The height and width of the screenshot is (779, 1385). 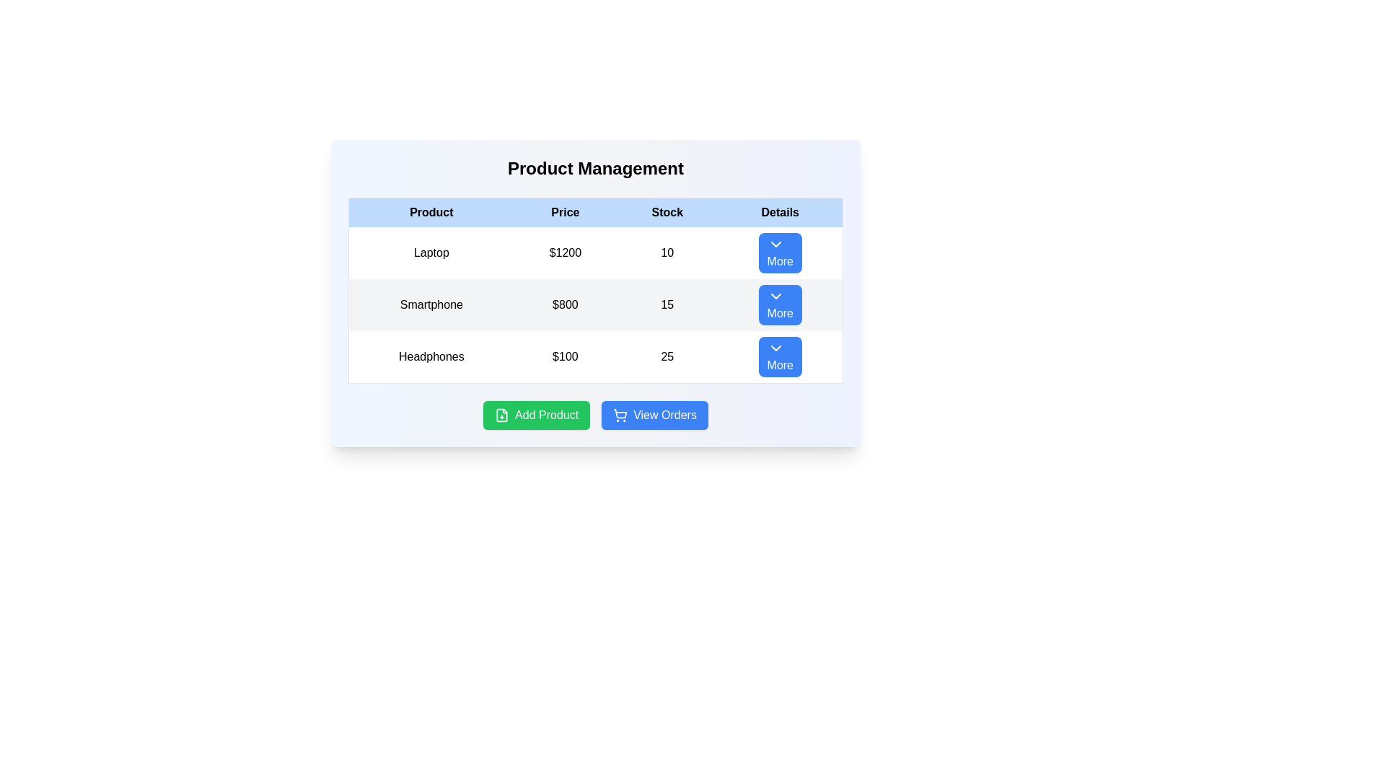 I want to click on the green rectangular button labeled 'Add Product' with a document and plus icon, so click(x=536, y=415).